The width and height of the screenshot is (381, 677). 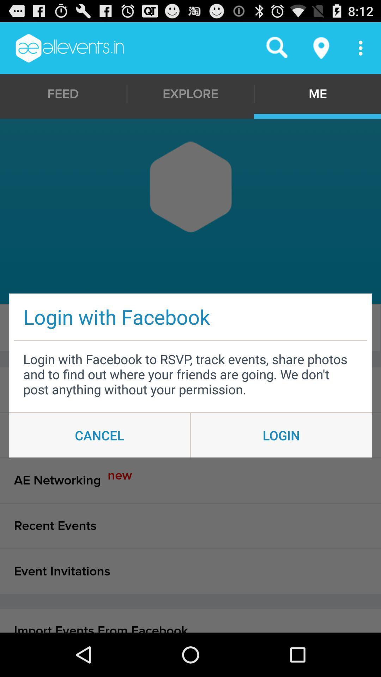 What do you see at coordinates (188, 328) in the screenshot?
I see `item to the right of events` at bounding box center [188, 328].